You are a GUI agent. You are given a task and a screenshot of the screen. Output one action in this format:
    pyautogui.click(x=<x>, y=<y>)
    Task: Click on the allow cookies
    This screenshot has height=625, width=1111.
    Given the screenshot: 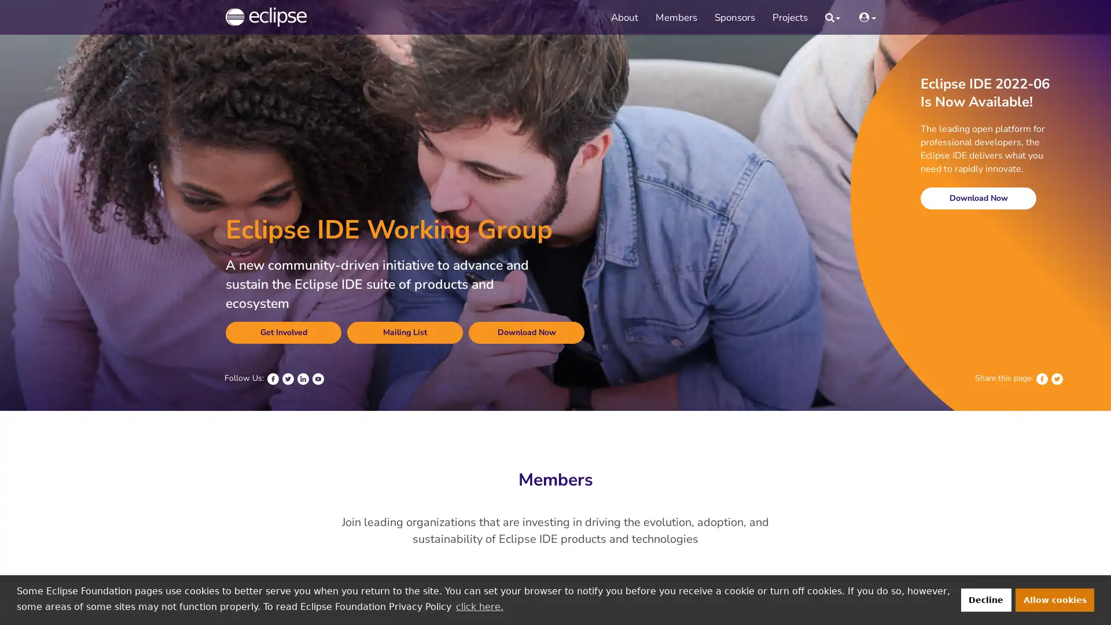 What is the action you would take?
    pyautogui.click(x=1055, y=599)
    